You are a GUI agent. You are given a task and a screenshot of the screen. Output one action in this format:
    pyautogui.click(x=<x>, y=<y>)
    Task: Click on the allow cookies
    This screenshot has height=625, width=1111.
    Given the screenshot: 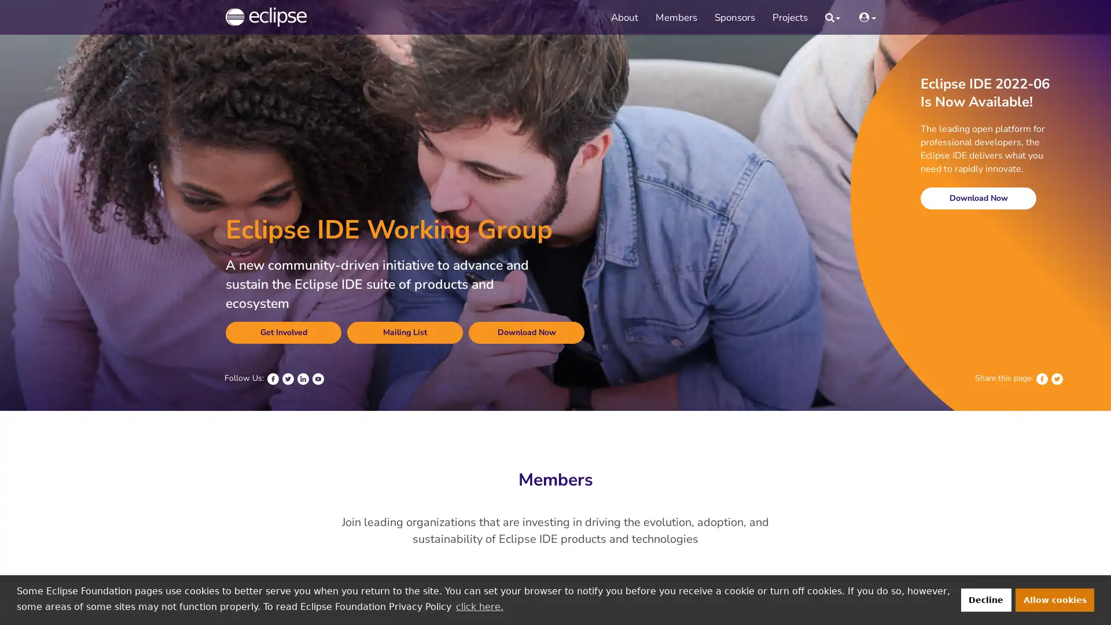 What is the action you would take?
    pyautogui.click(x=1055, y=599)
    